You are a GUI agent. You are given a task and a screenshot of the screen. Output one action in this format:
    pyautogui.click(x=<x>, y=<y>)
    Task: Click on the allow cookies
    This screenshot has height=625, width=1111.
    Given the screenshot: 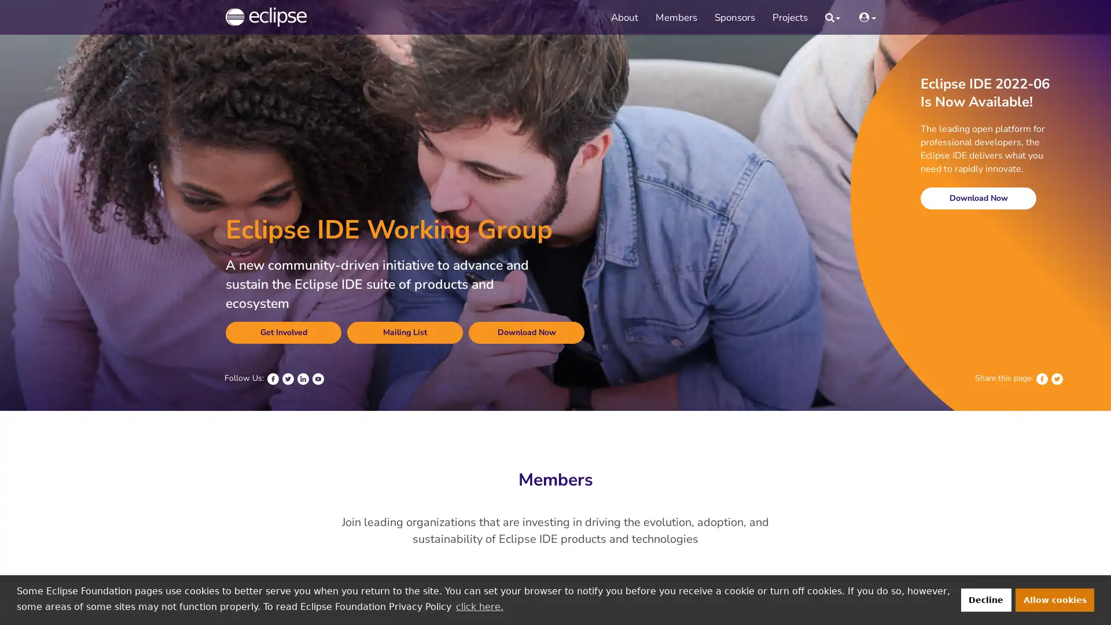 What is the action you would take?
    pyautogui.click(x=1055, y=599)
    